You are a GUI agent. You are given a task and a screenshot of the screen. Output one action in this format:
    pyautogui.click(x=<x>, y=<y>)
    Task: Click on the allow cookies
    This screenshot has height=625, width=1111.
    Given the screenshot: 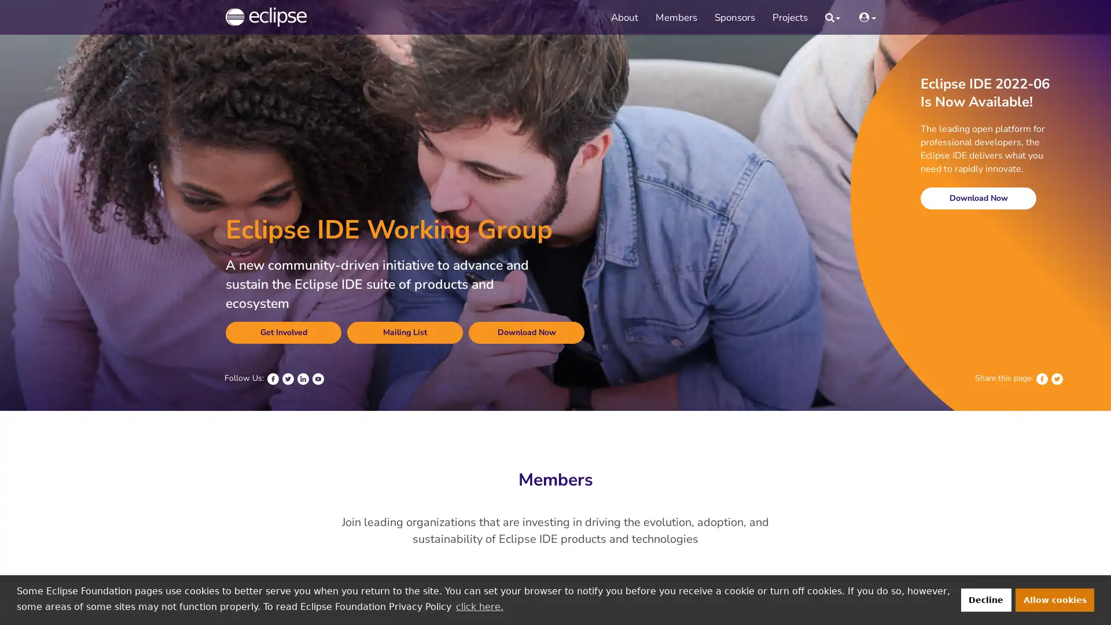 What is the action you would take?
    pyautogui.click(x=1055, y=599)
    